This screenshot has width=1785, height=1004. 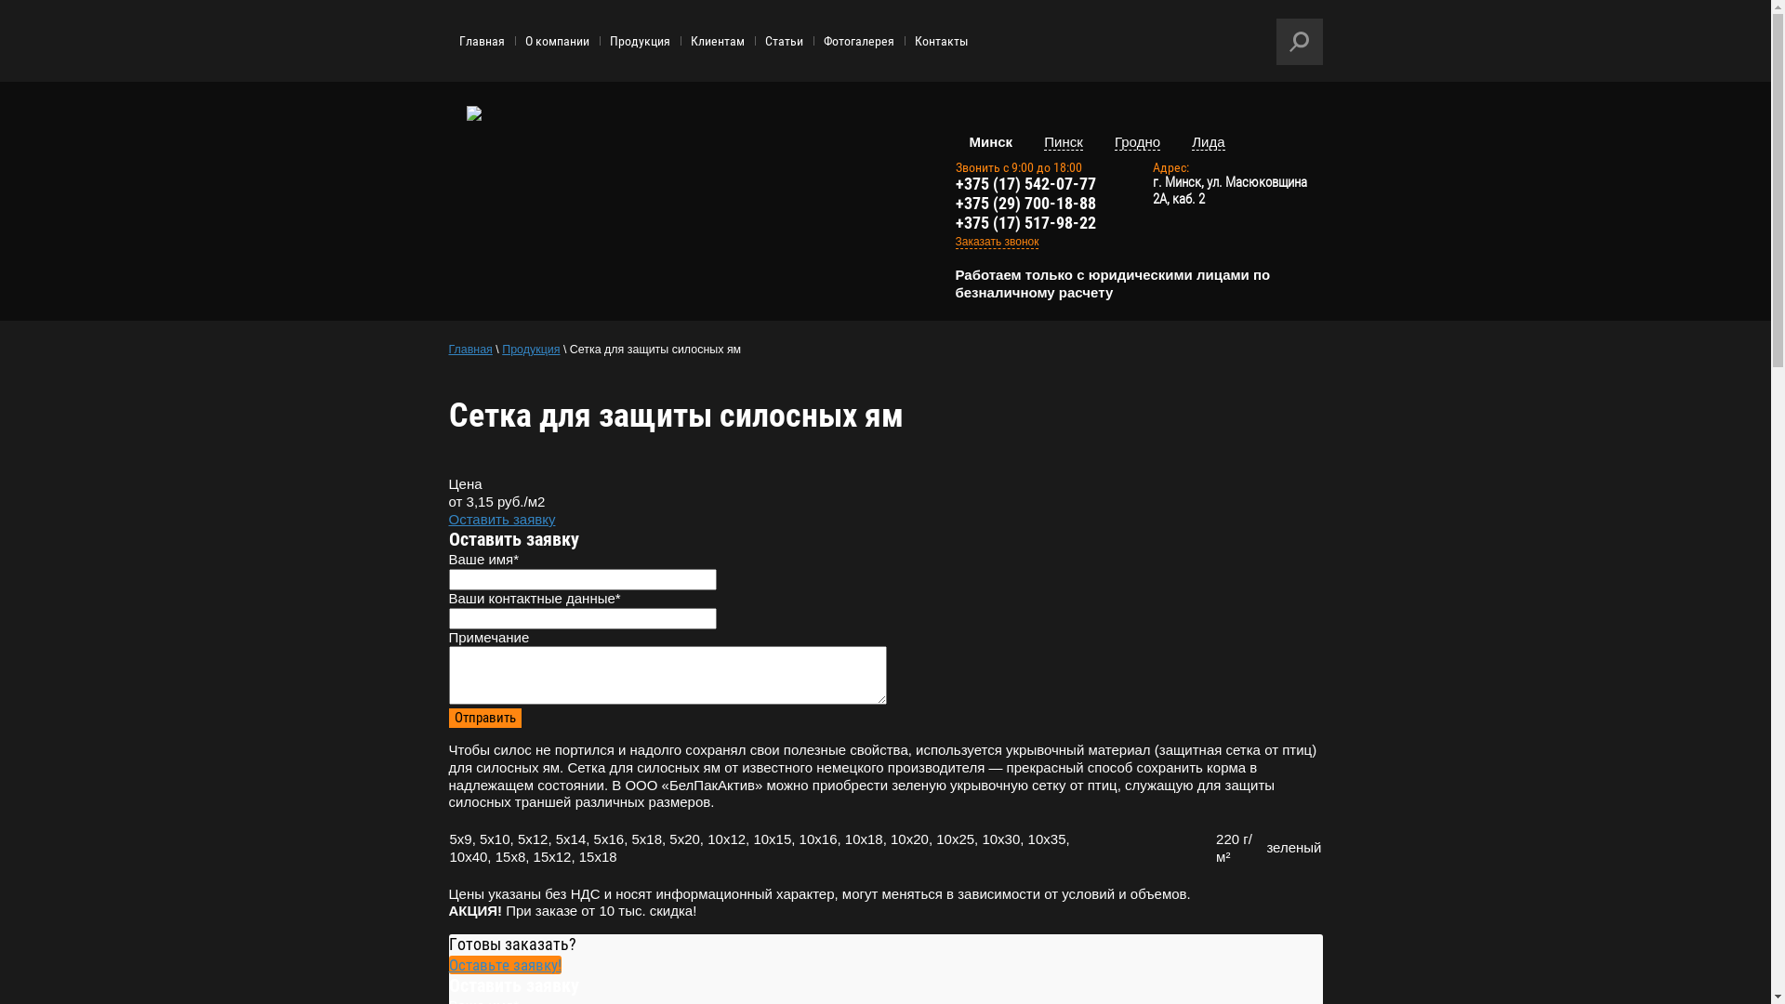 I want to click on '+375 (29) 700-18-88', so click(x=955, y=203).